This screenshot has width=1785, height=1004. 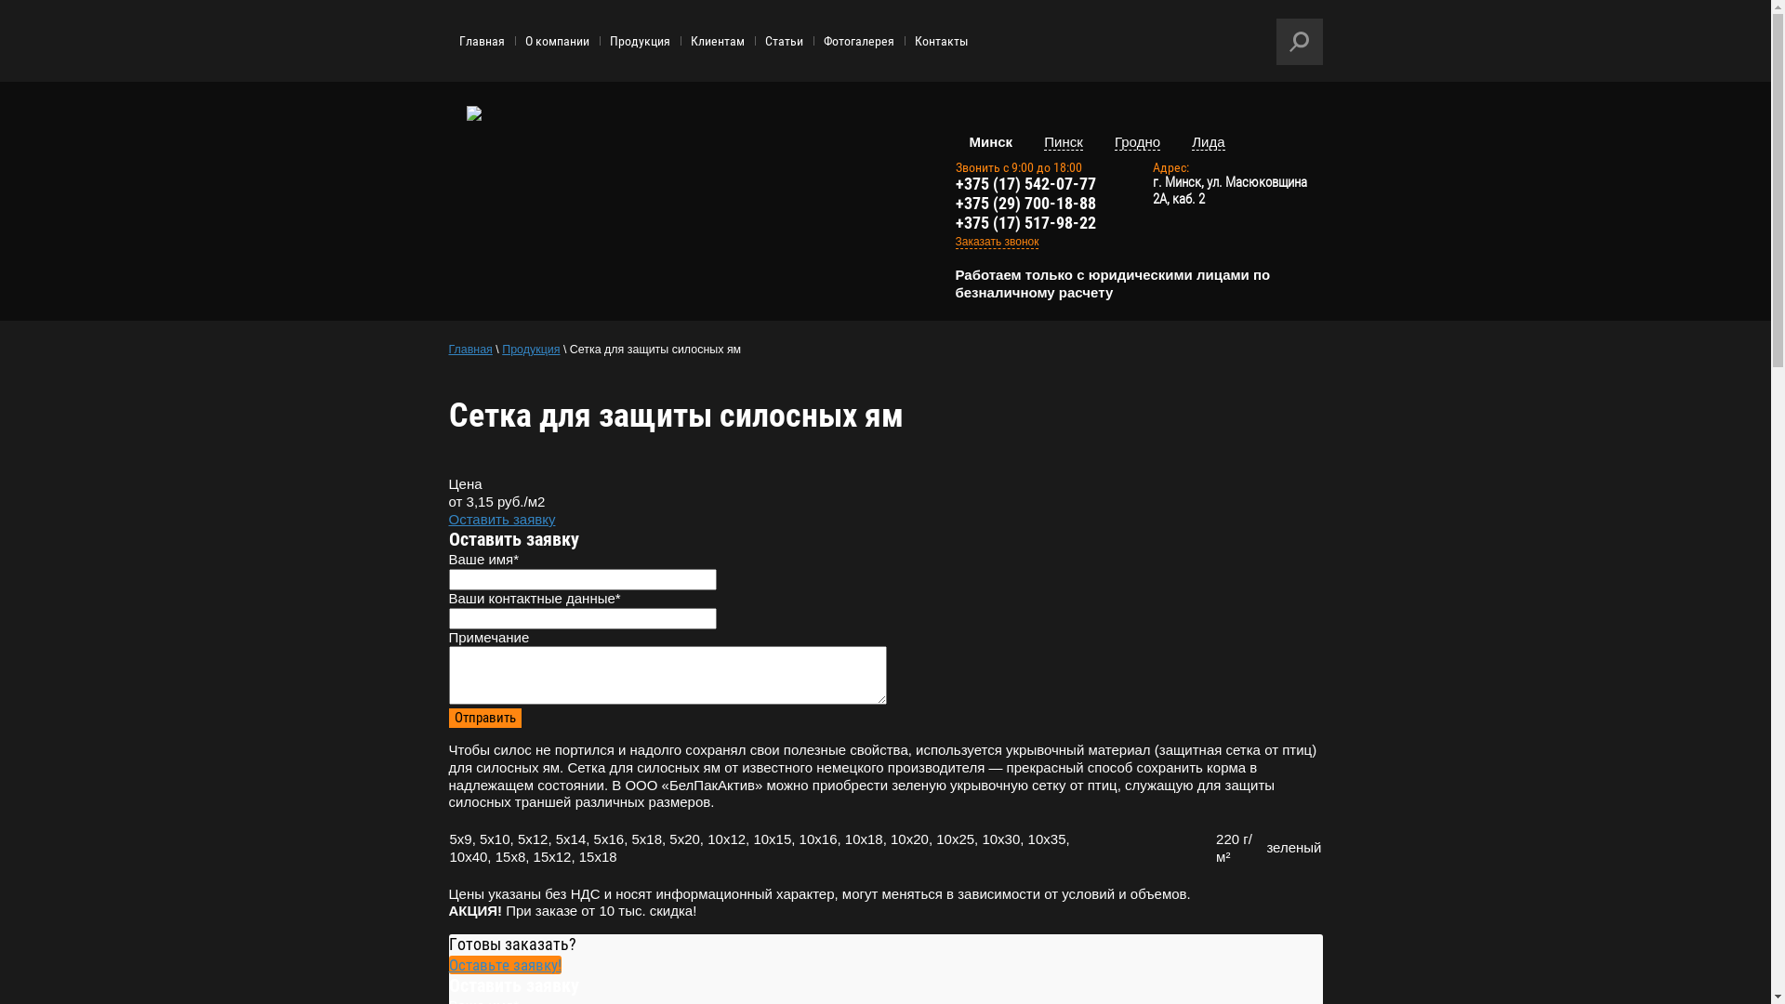 I want to click on '+375 (29) 700-18-88', so click(x=955, y=203).